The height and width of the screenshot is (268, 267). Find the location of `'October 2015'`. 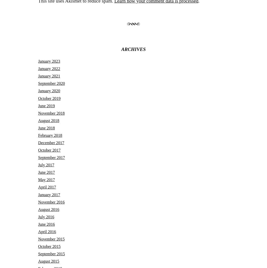

'October 2015' is located at coordinates (49, 246).